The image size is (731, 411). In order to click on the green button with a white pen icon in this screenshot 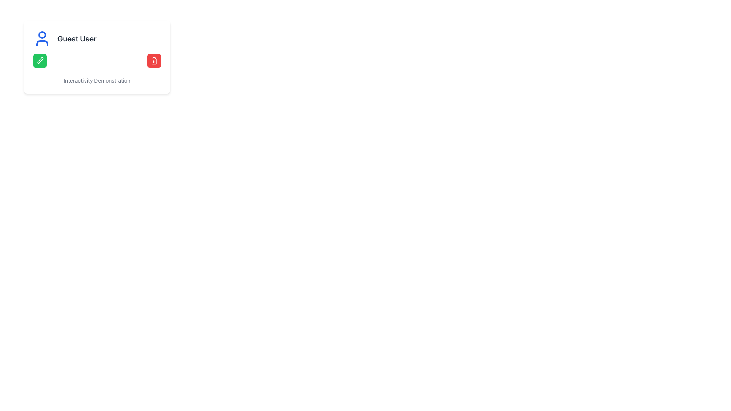, I will do `click(40, 60)`.